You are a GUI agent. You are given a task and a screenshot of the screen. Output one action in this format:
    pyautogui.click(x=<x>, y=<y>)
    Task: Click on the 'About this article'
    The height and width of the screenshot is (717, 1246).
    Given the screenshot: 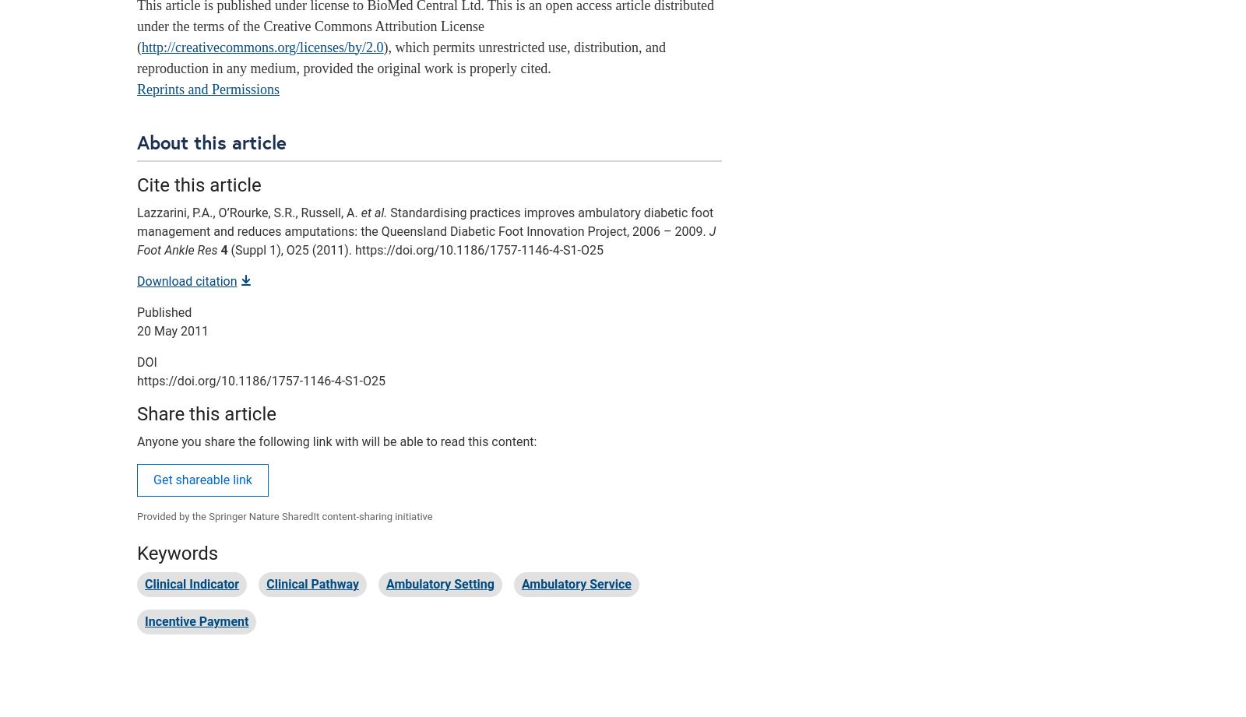 What is the action you would take?
    pyautogui.click(x=136, y=141)
    